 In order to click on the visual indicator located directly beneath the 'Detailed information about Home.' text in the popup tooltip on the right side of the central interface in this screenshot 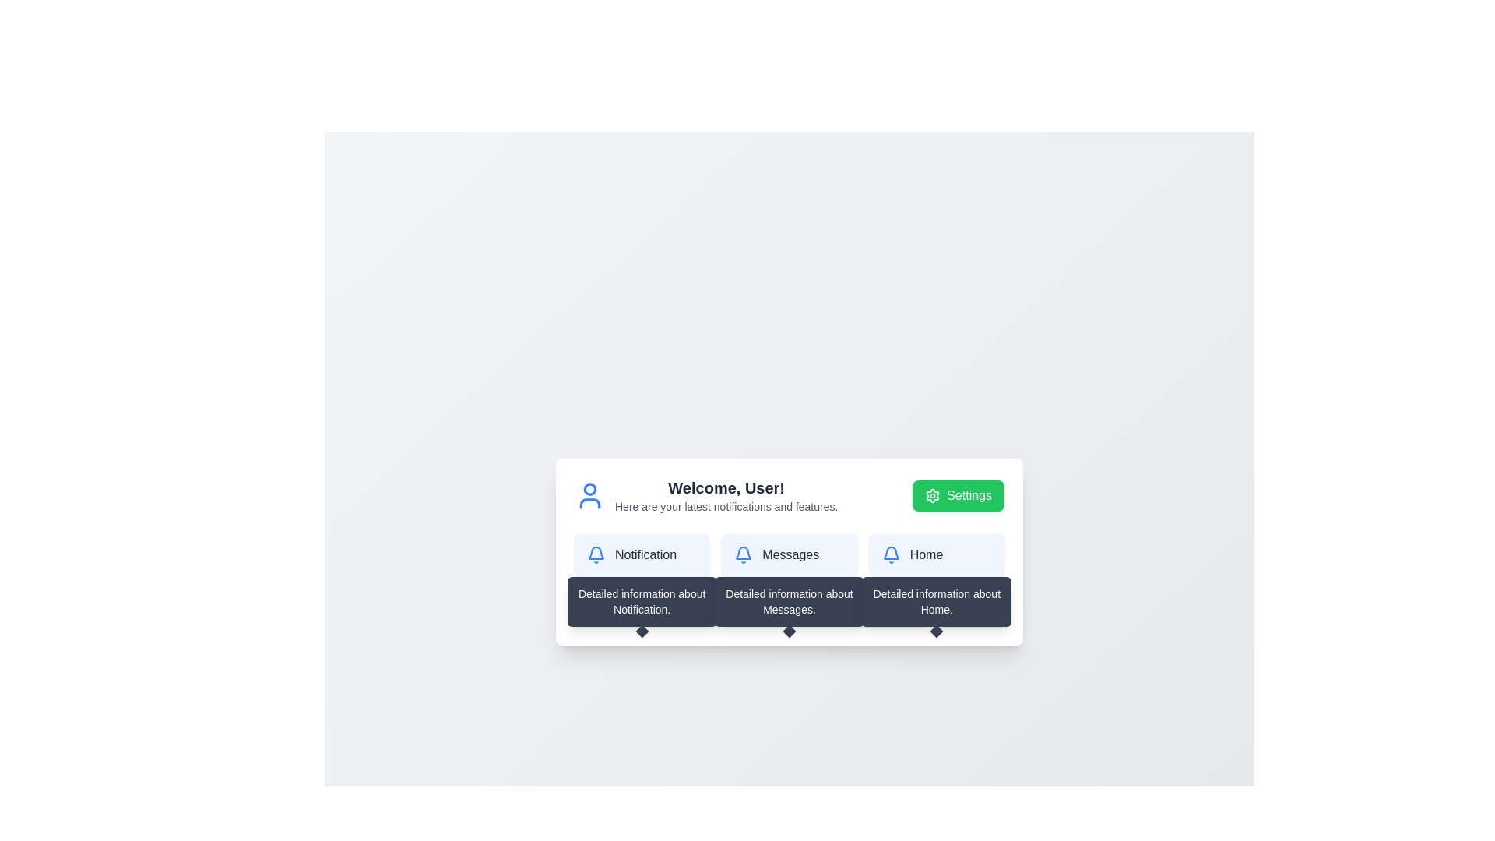, I will do `click(936, 631)`.